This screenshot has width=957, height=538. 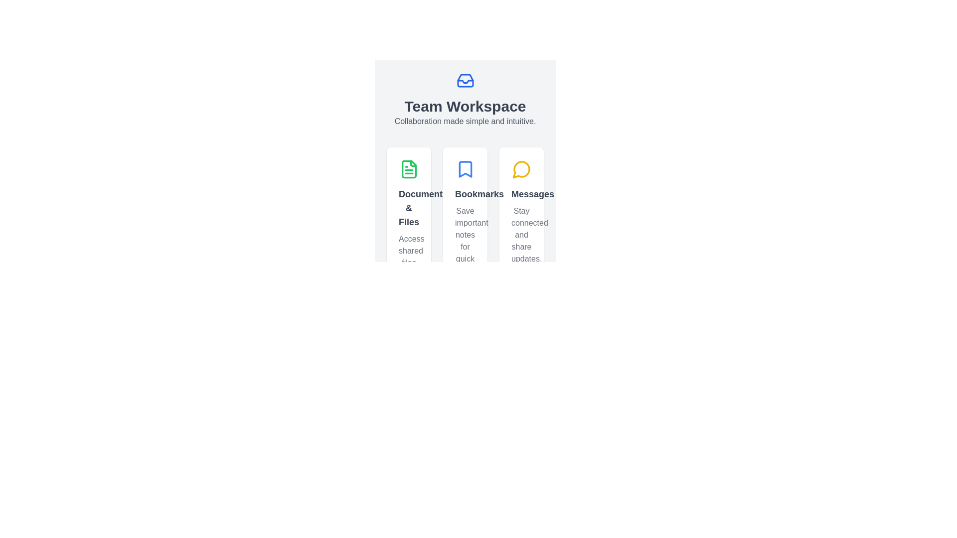 I want to click on the Section Header with Icon and Text that features a blue outlined icon and the text 'Team Workspace', so click(x=465, y=100).